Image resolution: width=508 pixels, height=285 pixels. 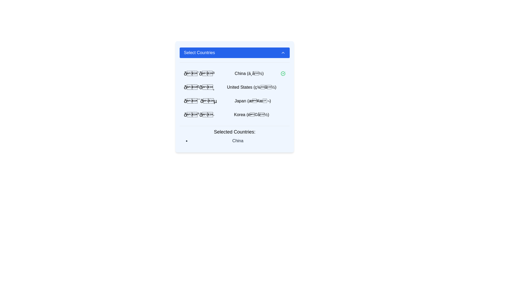 What do you see at coordinates (234, 115) in the screenshot?
I see `the fourth list item in the dropdown menu that allows users to select the country 'Korea', which is located directly below '🇯🇵Japan (日本)'` at bounding box center [234, 115].